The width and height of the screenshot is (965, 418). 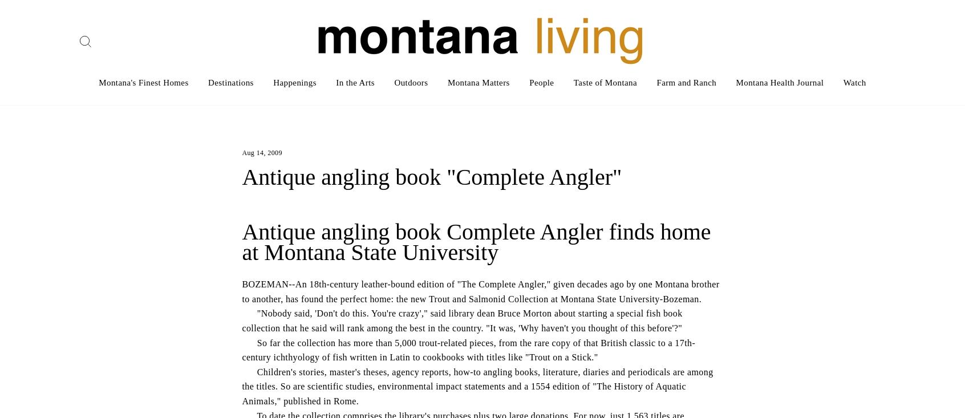 I want to click on 'Happenings', so click(x=294, y=82).